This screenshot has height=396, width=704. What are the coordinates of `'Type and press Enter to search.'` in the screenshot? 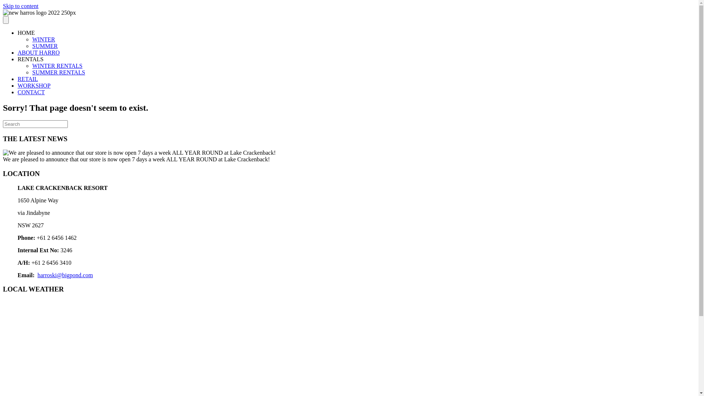 It's located at (349, 124).